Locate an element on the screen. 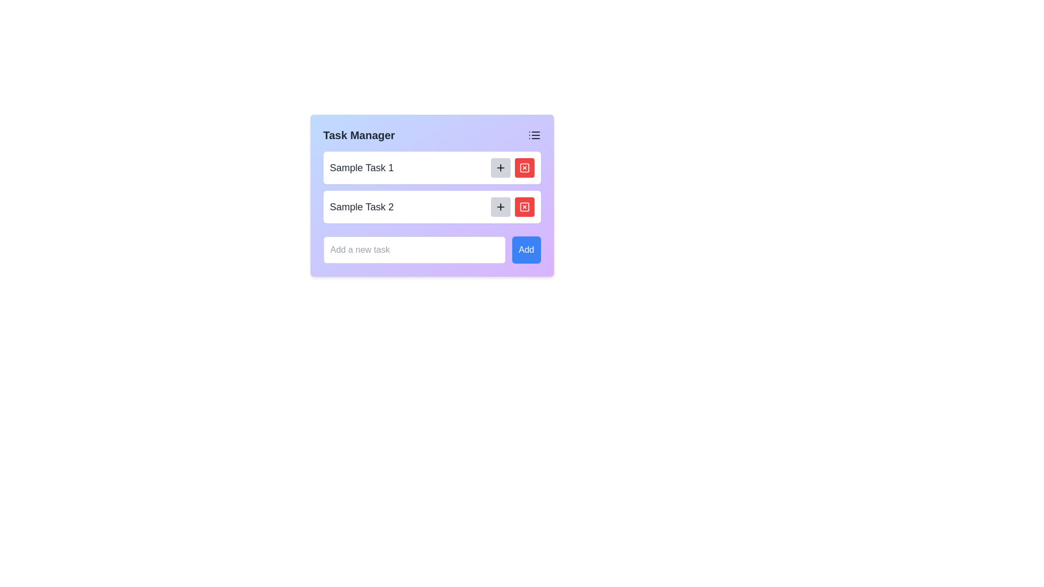 The image size is (1044, 587). the small square gray button with a black plus symbol located to the right of 'Sample Task 1' is located at coordinates (500, 167).